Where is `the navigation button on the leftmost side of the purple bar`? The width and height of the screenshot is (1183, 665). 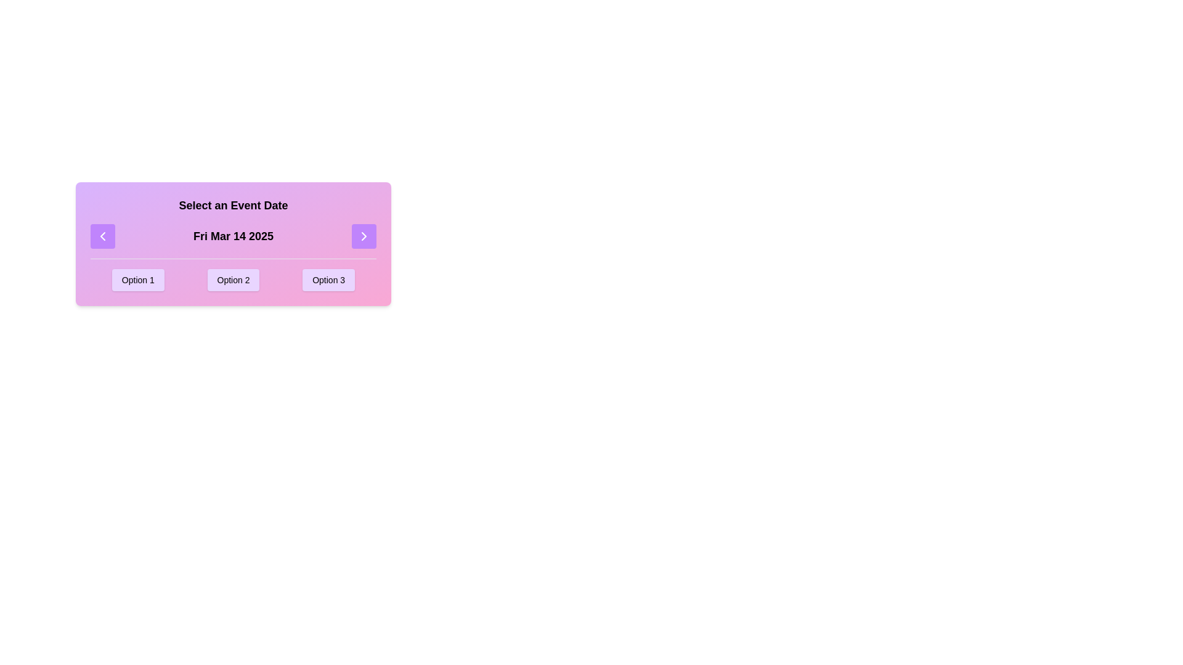
the navigation button on the leftmost side of the purple bar is located at coordinates (103, 236).